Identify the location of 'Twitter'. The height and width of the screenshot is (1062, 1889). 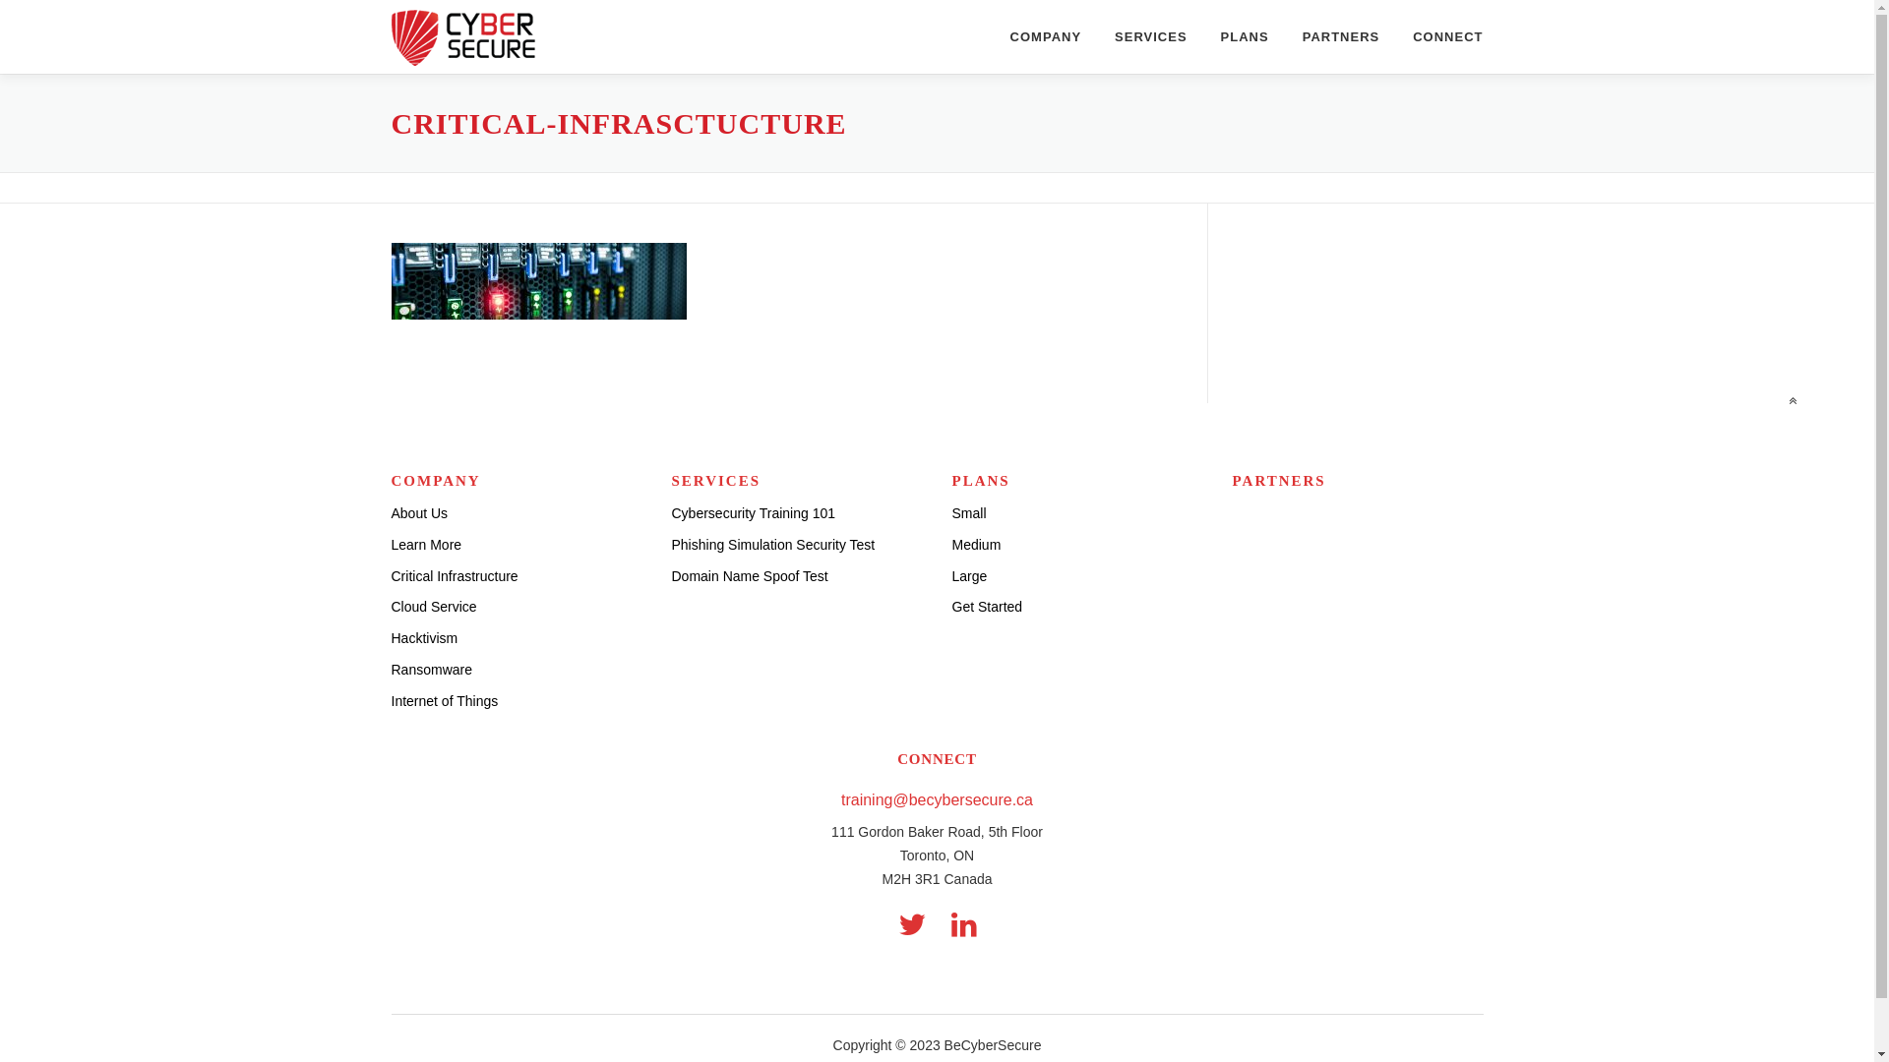
(910, 924).